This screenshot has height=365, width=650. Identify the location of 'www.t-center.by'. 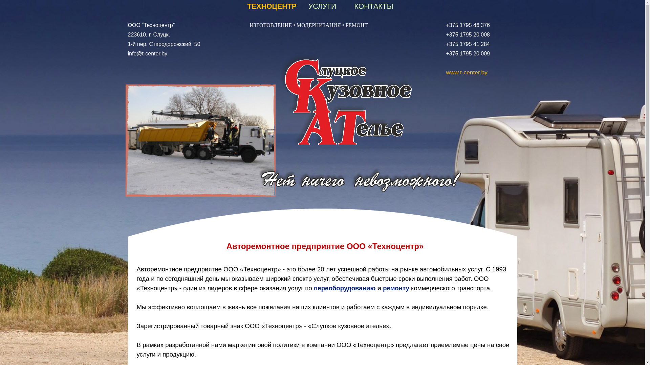
(466, 72).